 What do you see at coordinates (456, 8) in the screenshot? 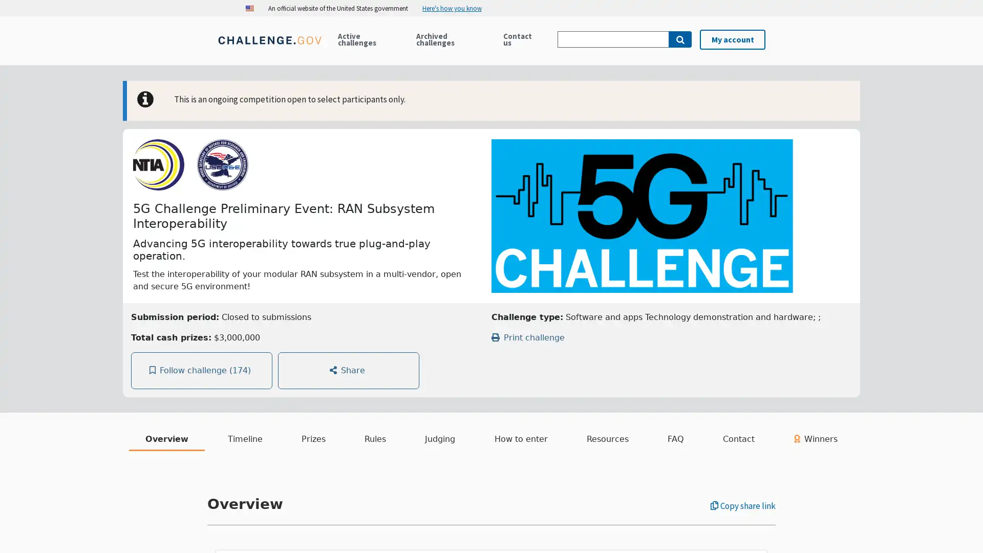
I see `Here's how you know` at bounding box center [456, 8].